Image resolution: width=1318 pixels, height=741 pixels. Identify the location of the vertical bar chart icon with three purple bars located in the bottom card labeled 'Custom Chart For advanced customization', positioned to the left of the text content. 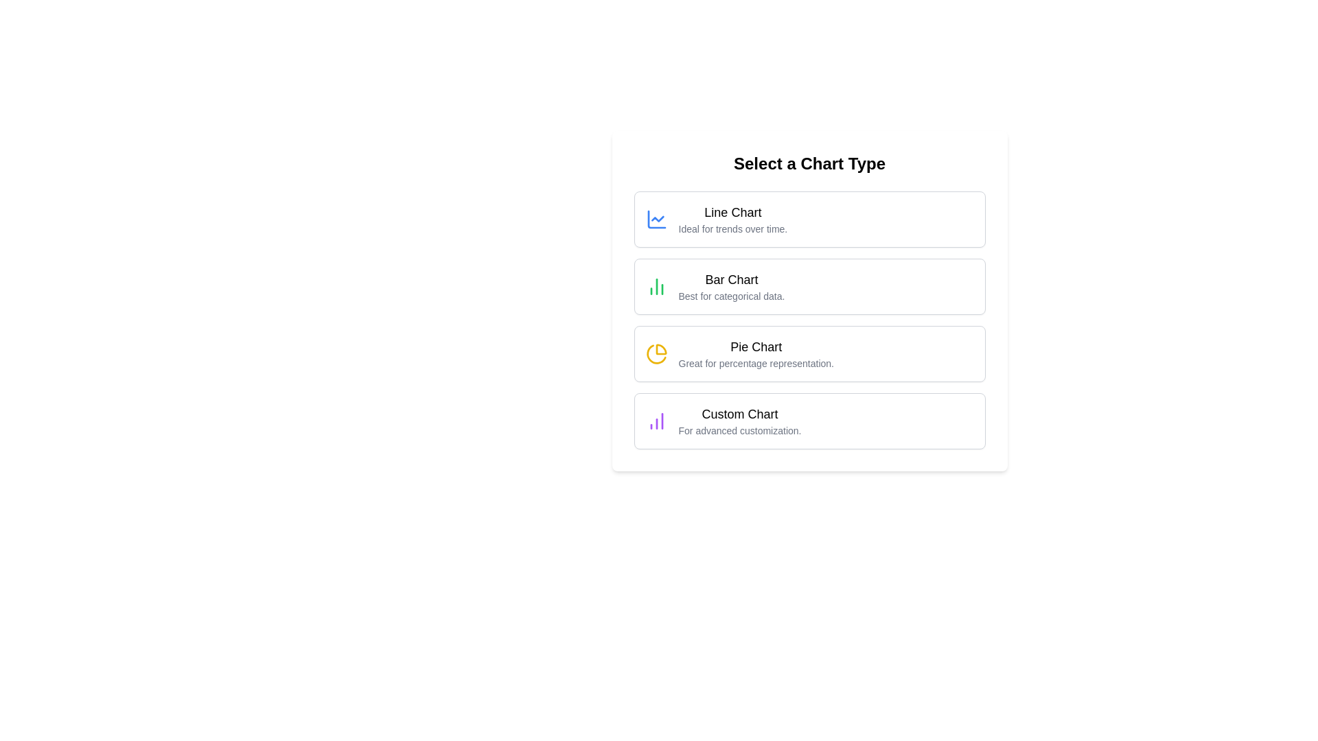
(656, 420).